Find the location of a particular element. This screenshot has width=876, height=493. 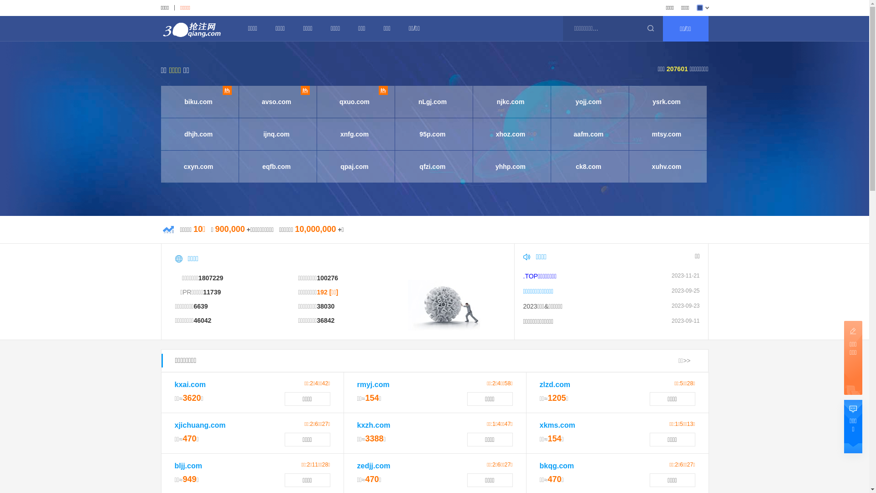

'cxyn.com' is located at coordinates (165, 167).